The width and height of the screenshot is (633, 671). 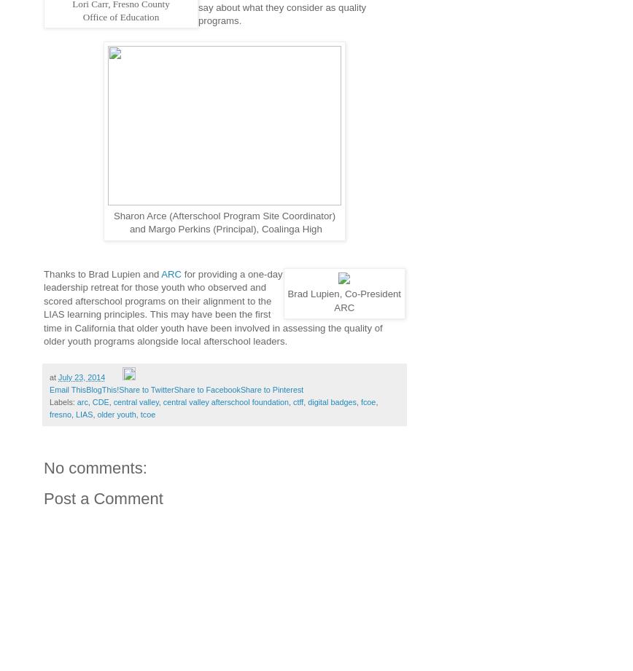 What do you see at coordinates (60, 413) in the screenshot?
I see `'fresno'` at bounding box center [60, 413].